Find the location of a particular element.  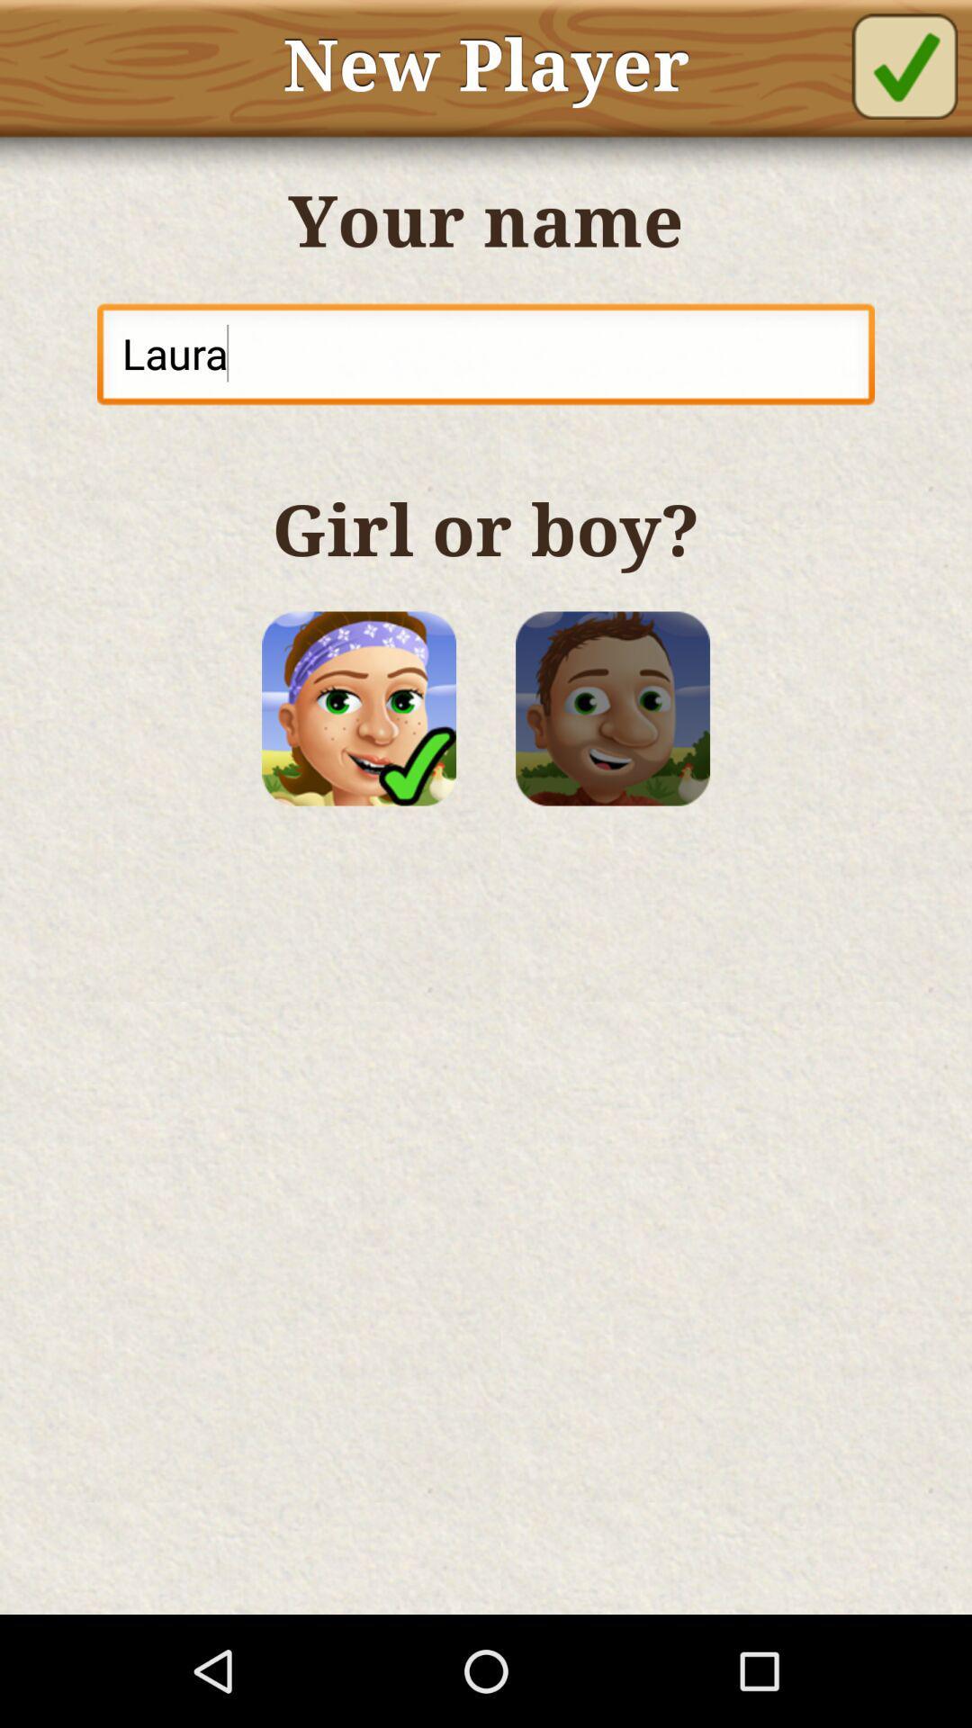

new player is located at coordinates (904, 66).